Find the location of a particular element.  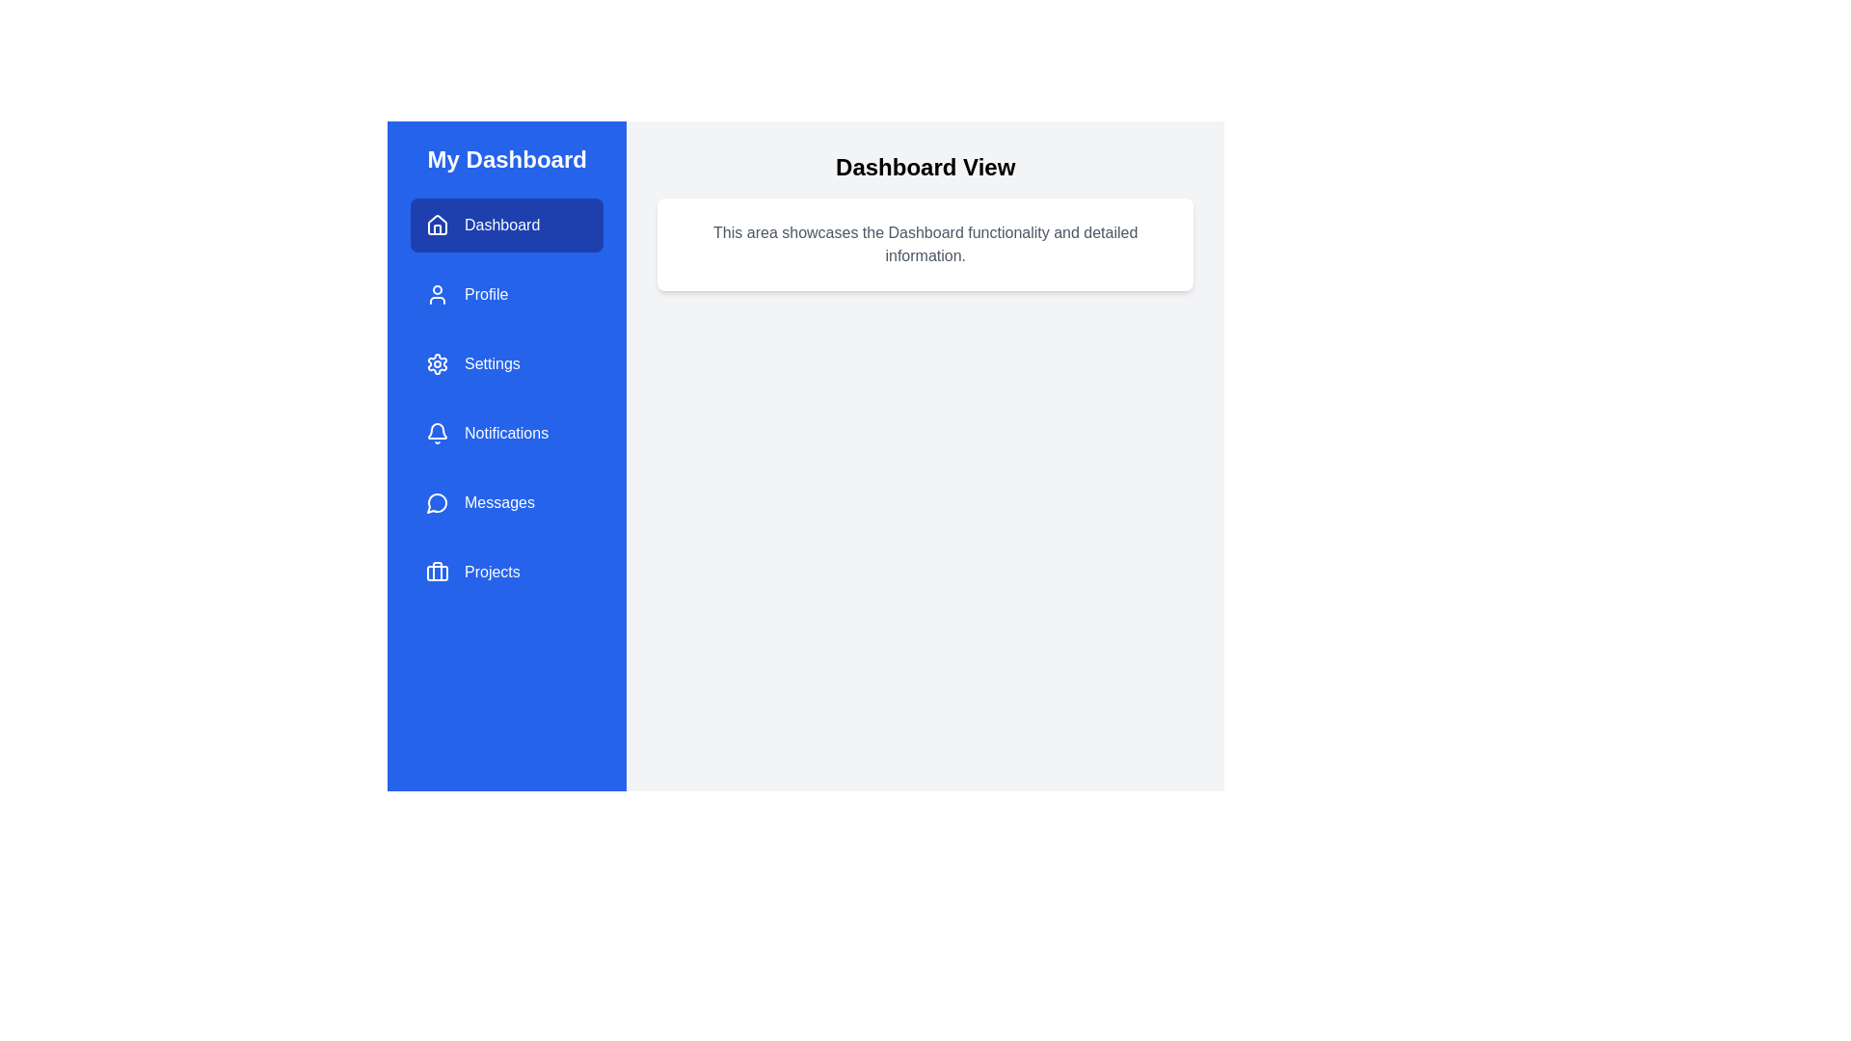

the menu item Profile to navigate to its corresponding section is located at coordinates (507, 294).